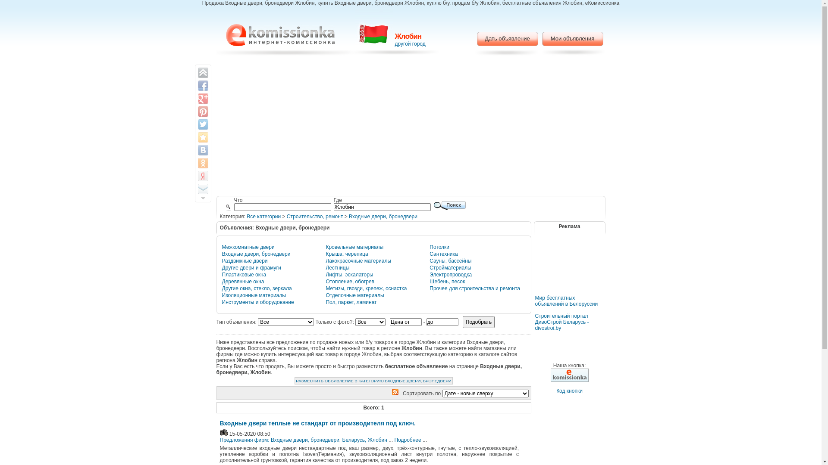 The width and height of the screenshot is (828, 465). Describe the element at coordinates (202, 86) in the screenshot. I see `'Share on Facebook'` at that location.